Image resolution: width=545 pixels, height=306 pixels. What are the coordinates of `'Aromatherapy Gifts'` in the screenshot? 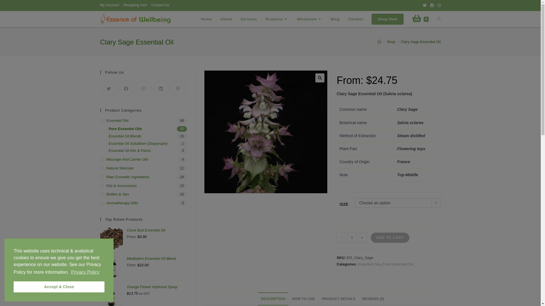 It's located at (143, 203).